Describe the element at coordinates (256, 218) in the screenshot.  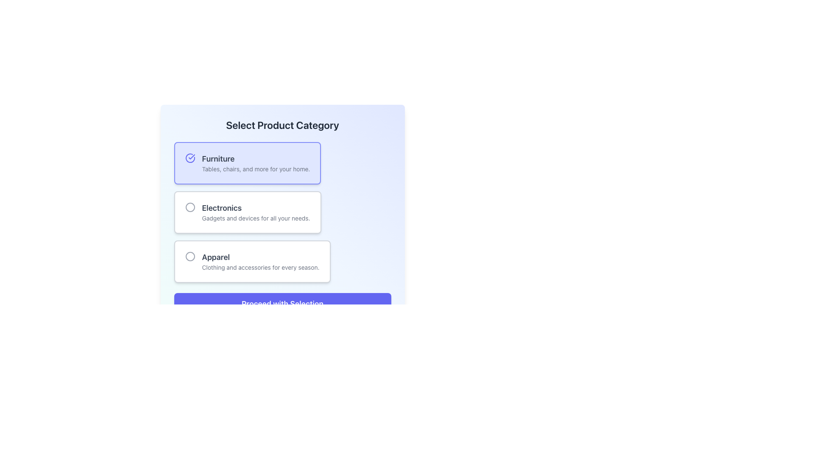
I see `the text label displaying 'Gadgets and devices for all your needs.' which is styled in gray color and located below the 'Electronics' text` at that location.